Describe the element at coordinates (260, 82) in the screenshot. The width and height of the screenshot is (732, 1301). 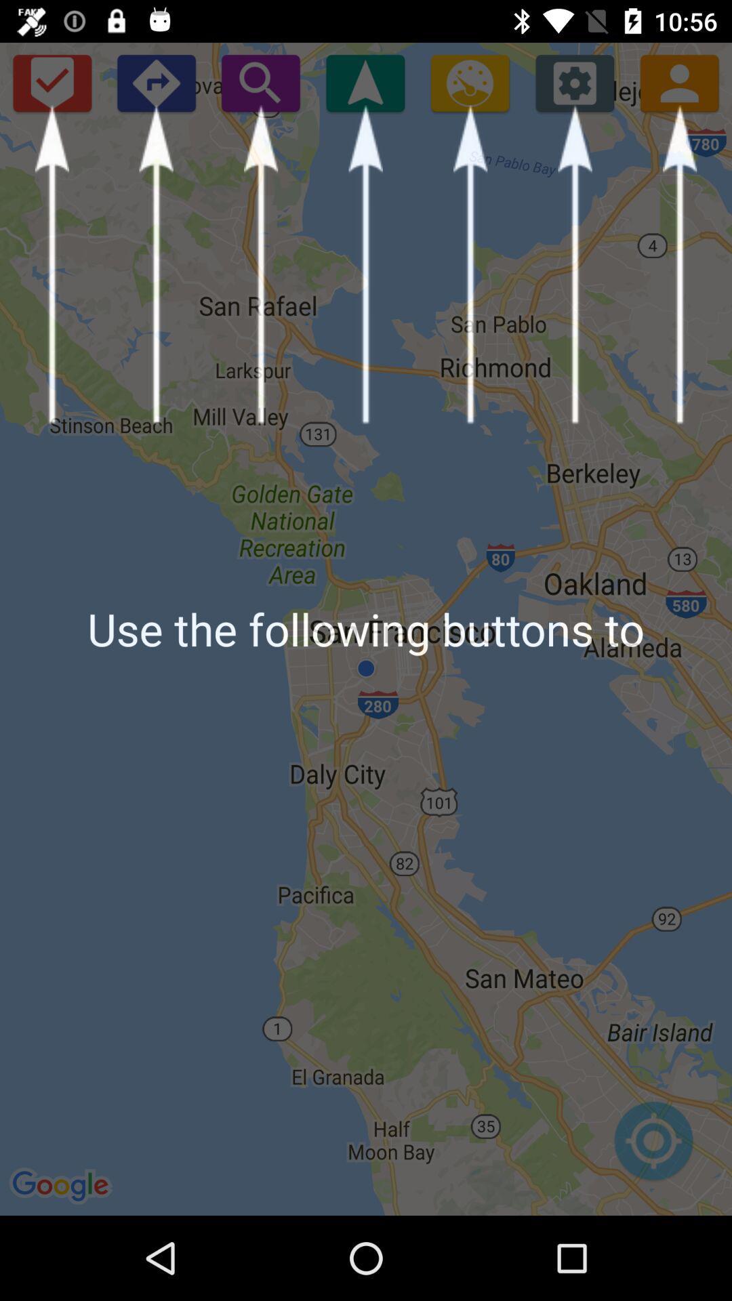
I see `the search icon` at that location.